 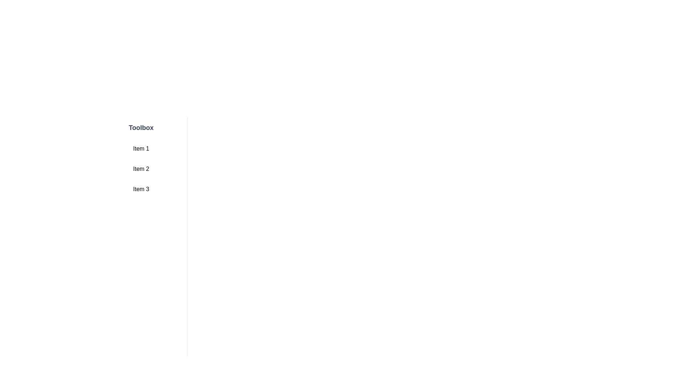 I want to click on text displayed in the 'Item 1' text label, which is the first item in the list below the 'Toolbox' title, so click(x=141, y=148).